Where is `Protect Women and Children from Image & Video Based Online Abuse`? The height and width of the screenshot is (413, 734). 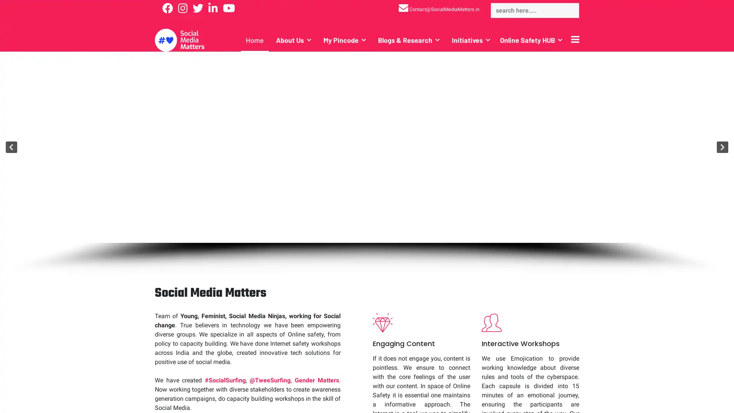
Protect Women and Children from Image & Video Based Online Abuse is located at coordinates (363, 235).